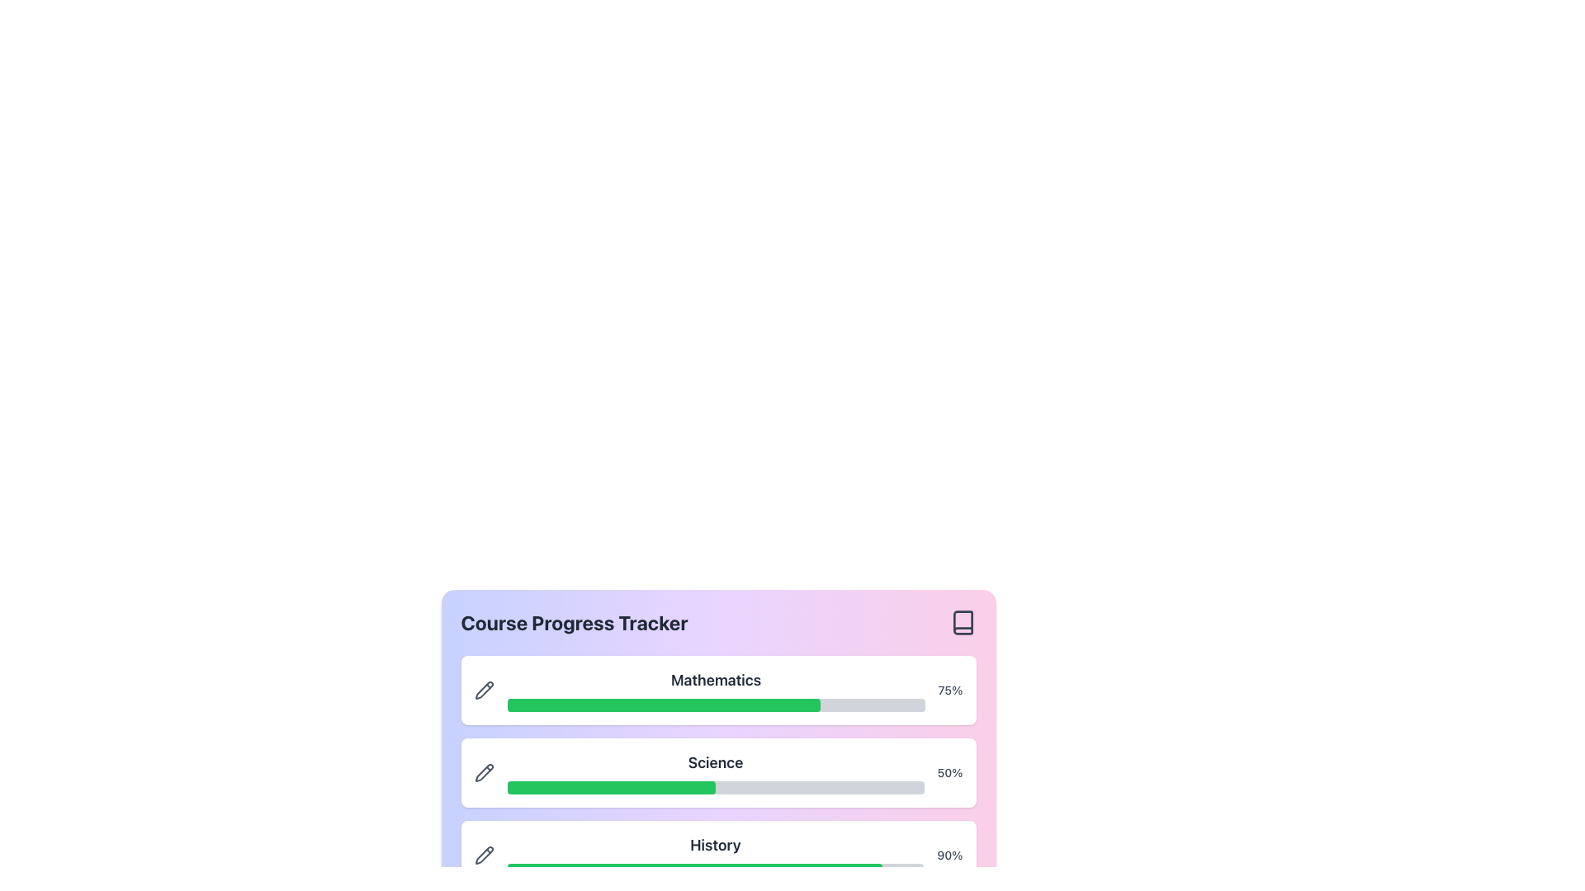 The image size is (1585, 891). I want to click on the green progress bar in the 'Course Progress Tracker' section under the 'Mathematics' heading, which visually represents a 75% completion, so click(664, 705).